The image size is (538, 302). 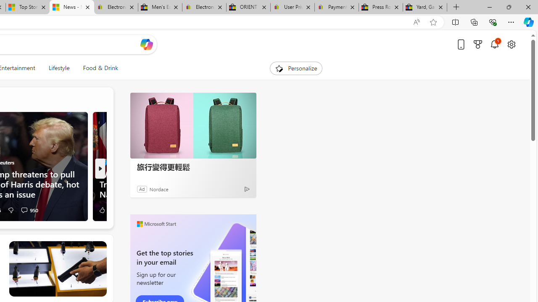 What do you see at coordinates (296, 68) in the screenshot?
I see `'Personalize'` at bounding box center [296, 68].